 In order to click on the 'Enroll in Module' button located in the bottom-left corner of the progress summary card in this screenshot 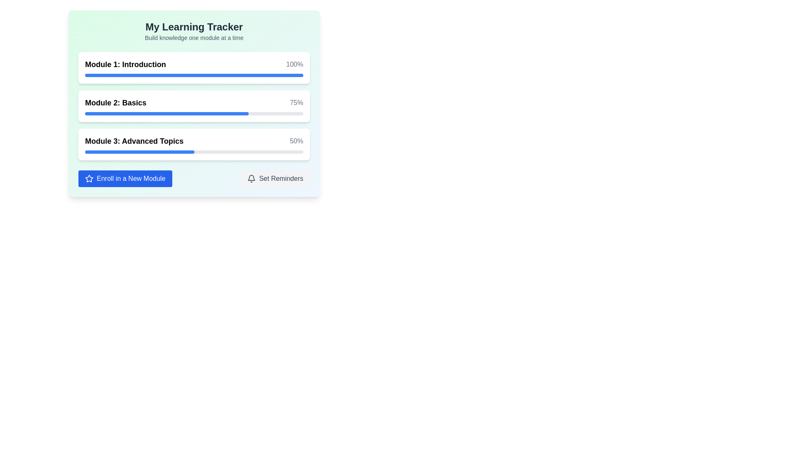, I will do `click(125, 178)`.